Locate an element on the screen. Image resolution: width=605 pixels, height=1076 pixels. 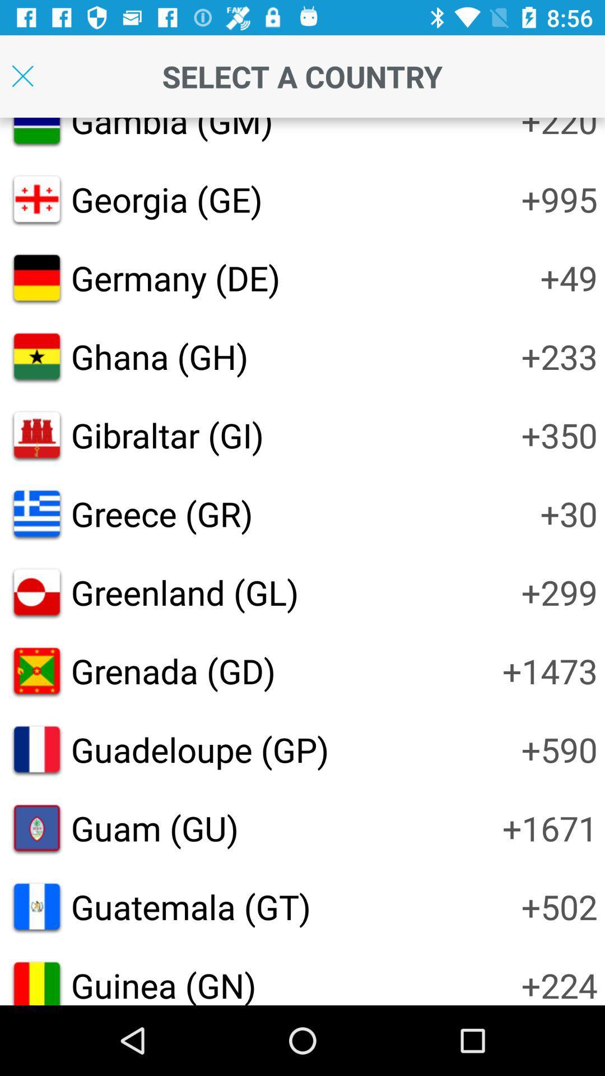
item to the right of the gibraltar (gi) is located at coordinates (559, 434).